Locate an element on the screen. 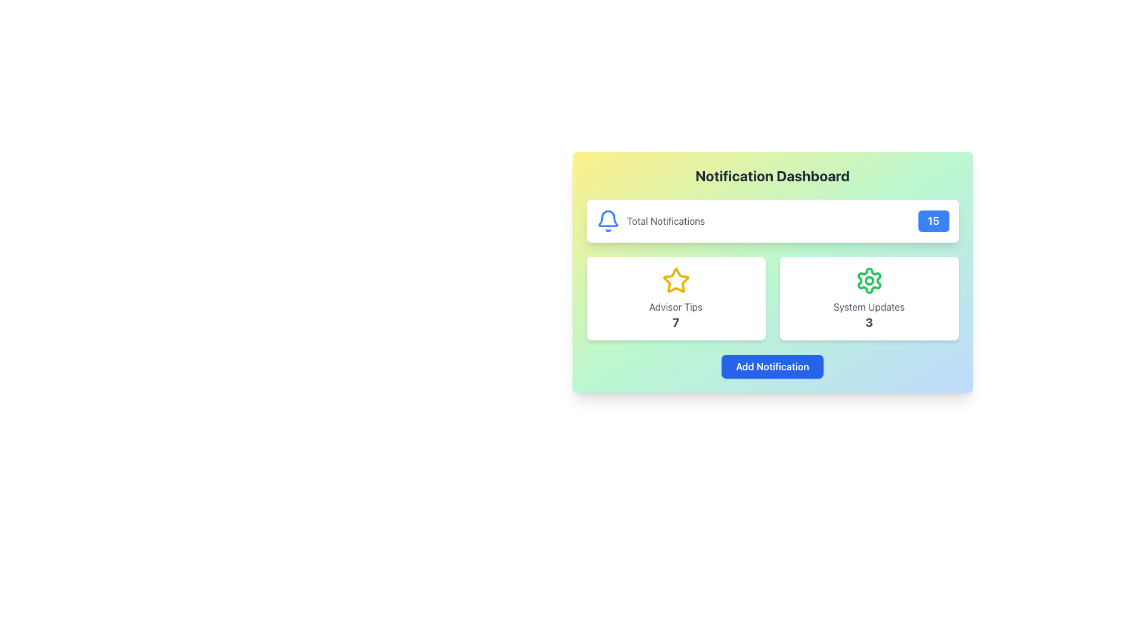  the 'Add Notification' button located at the bottom center of the 'Notification Dashboard' card is located at coordinates (772, 366).